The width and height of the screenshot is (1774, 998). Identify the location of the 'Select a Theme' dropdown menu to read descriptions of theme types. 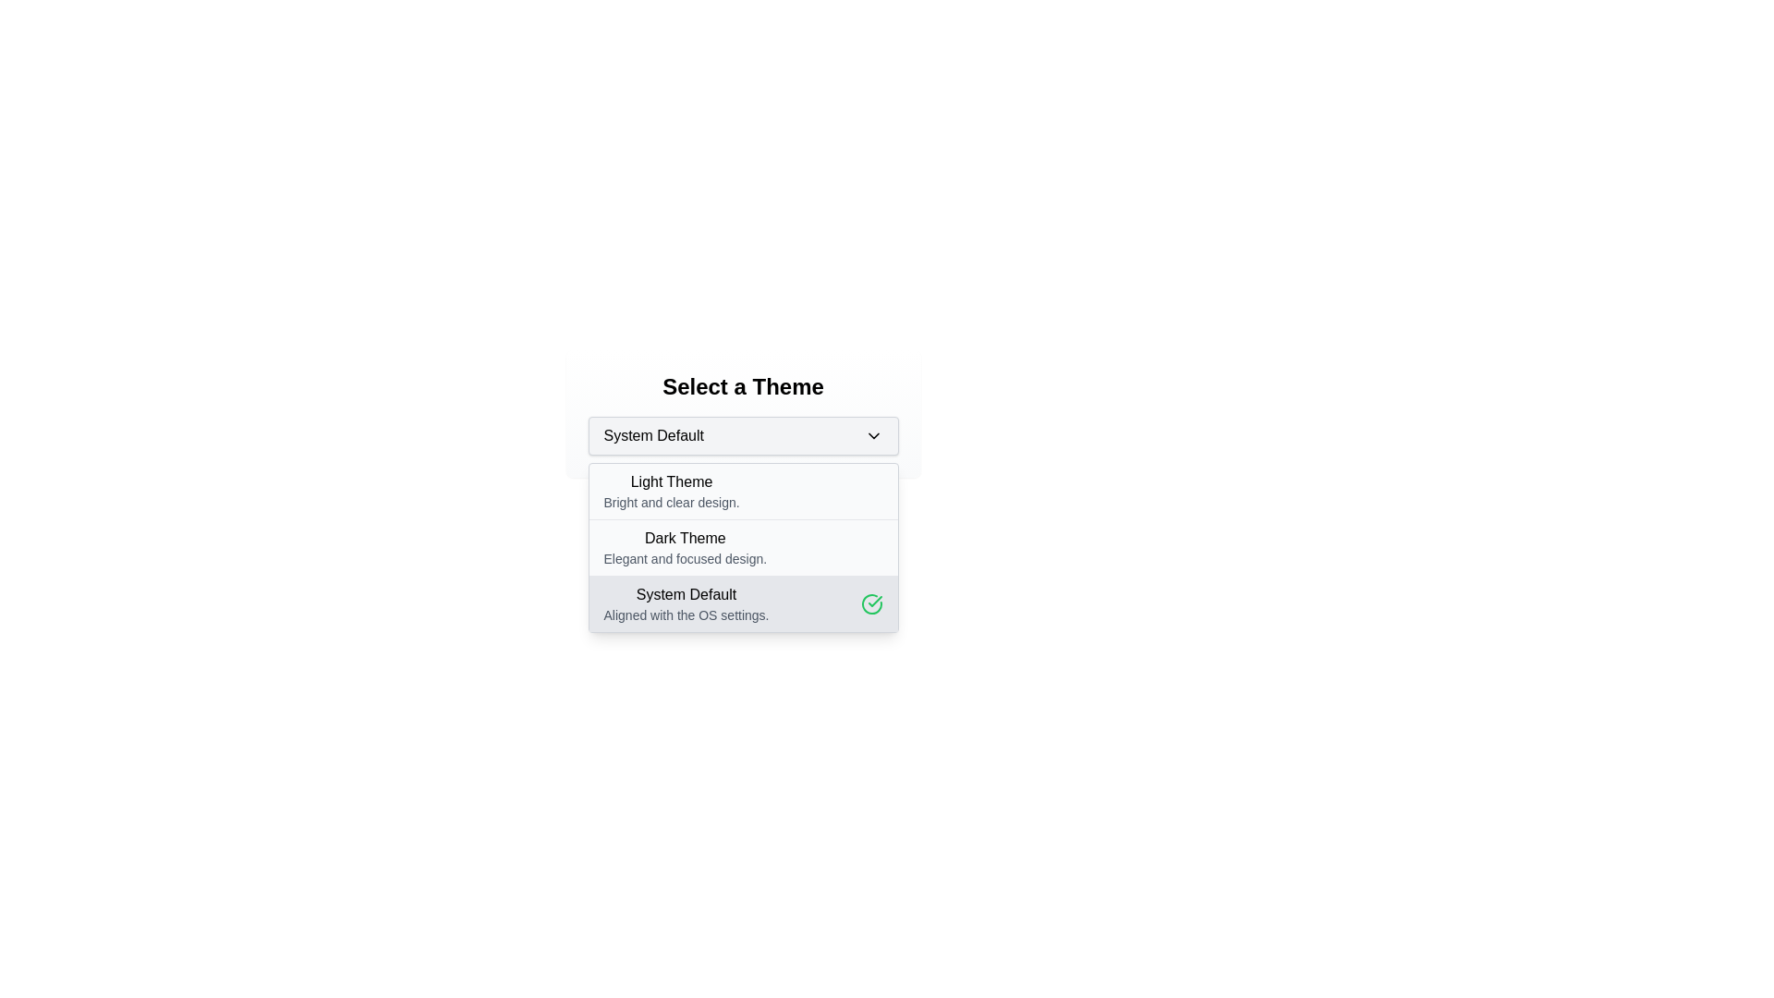
(743, 412).